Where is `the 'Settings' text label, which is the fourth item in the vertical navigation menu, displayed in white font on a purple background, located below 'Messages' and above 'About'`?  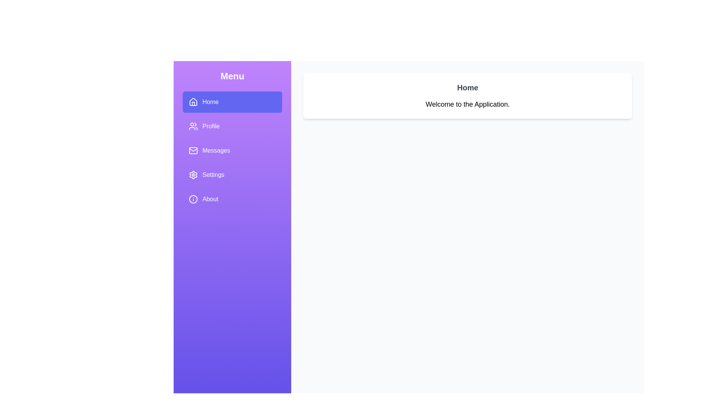
the 'Settings' text label, which is the fourth item in the vertical navigation menu, displayed in white font on a purple background, located below 'Messages' and above 'About' is located at coordinates (213, 175).